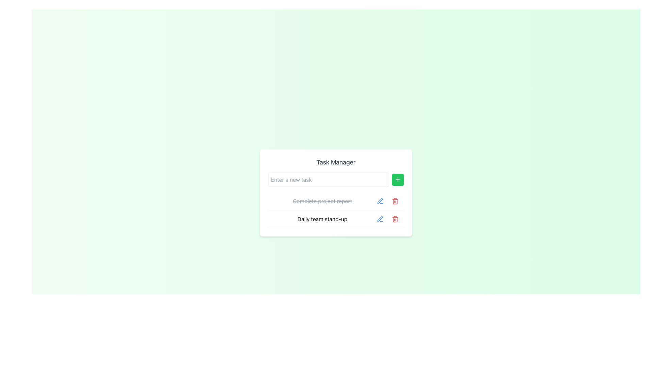 The height and width of the screenshot is (367, 653). I want to click on the 'Daily team stand-up' task label for sorting in the task manager interface, located below the 'Complete project report', so click(336, 219).